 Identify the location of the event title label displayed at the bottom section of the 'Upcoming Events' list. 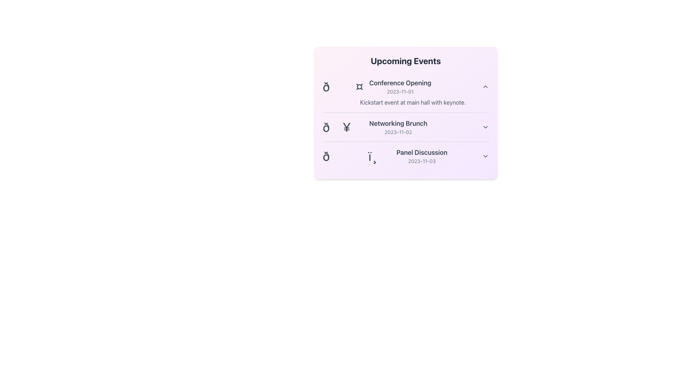
(422, 152).